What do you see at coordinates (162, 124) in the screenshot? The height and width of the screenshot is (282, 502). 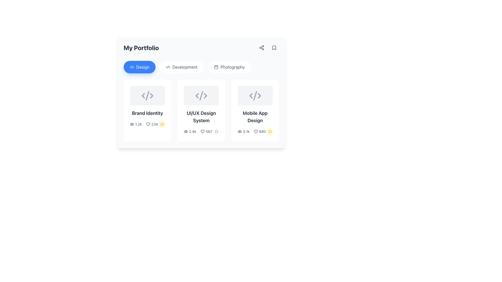 I see `the star-shaped icon with a yellow outline located in the circular button beneath the '234' likes count in the 'Brand Identity' card` at bounding box center [162, 124].